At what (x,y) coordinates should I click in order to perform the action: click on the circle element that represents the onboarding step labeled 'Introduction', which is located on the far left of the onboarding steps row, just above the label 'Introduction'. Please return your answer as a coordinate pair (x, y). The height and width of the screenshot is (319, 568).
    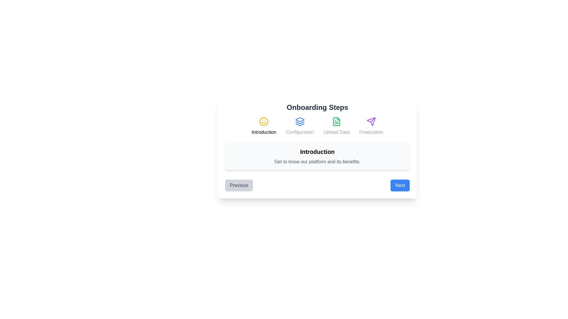
    Looking at the image, I should click on (264, 121).